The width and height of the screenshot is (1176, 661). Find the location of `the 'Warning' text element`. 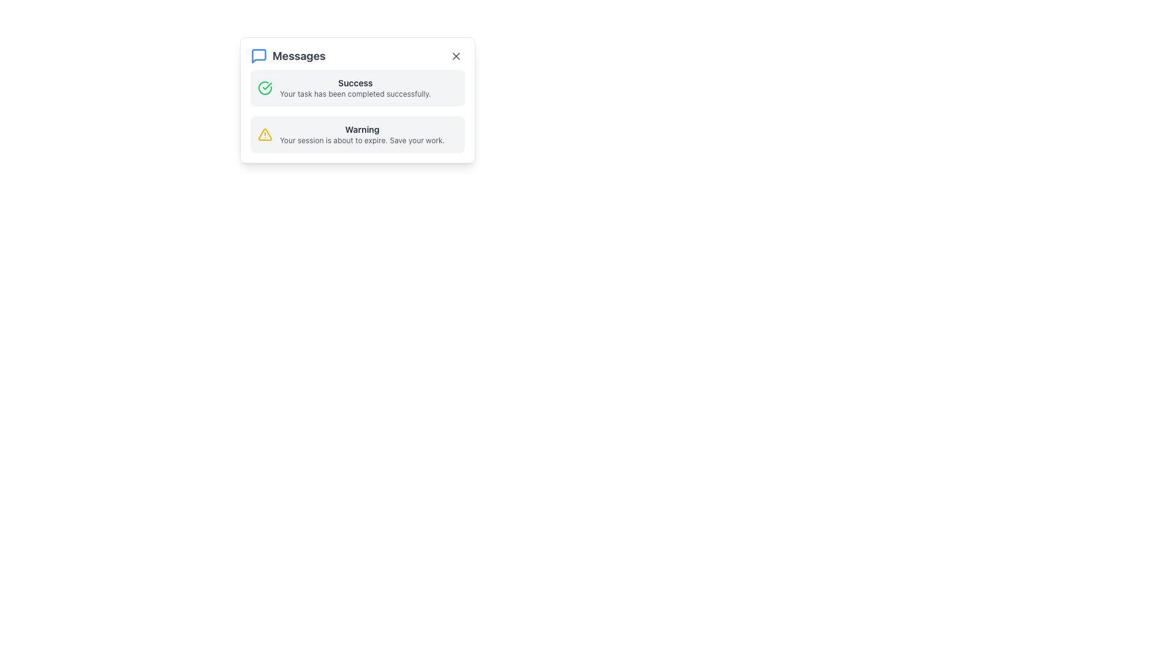

the 'Warning' text element is located at coordinates (361, 130).